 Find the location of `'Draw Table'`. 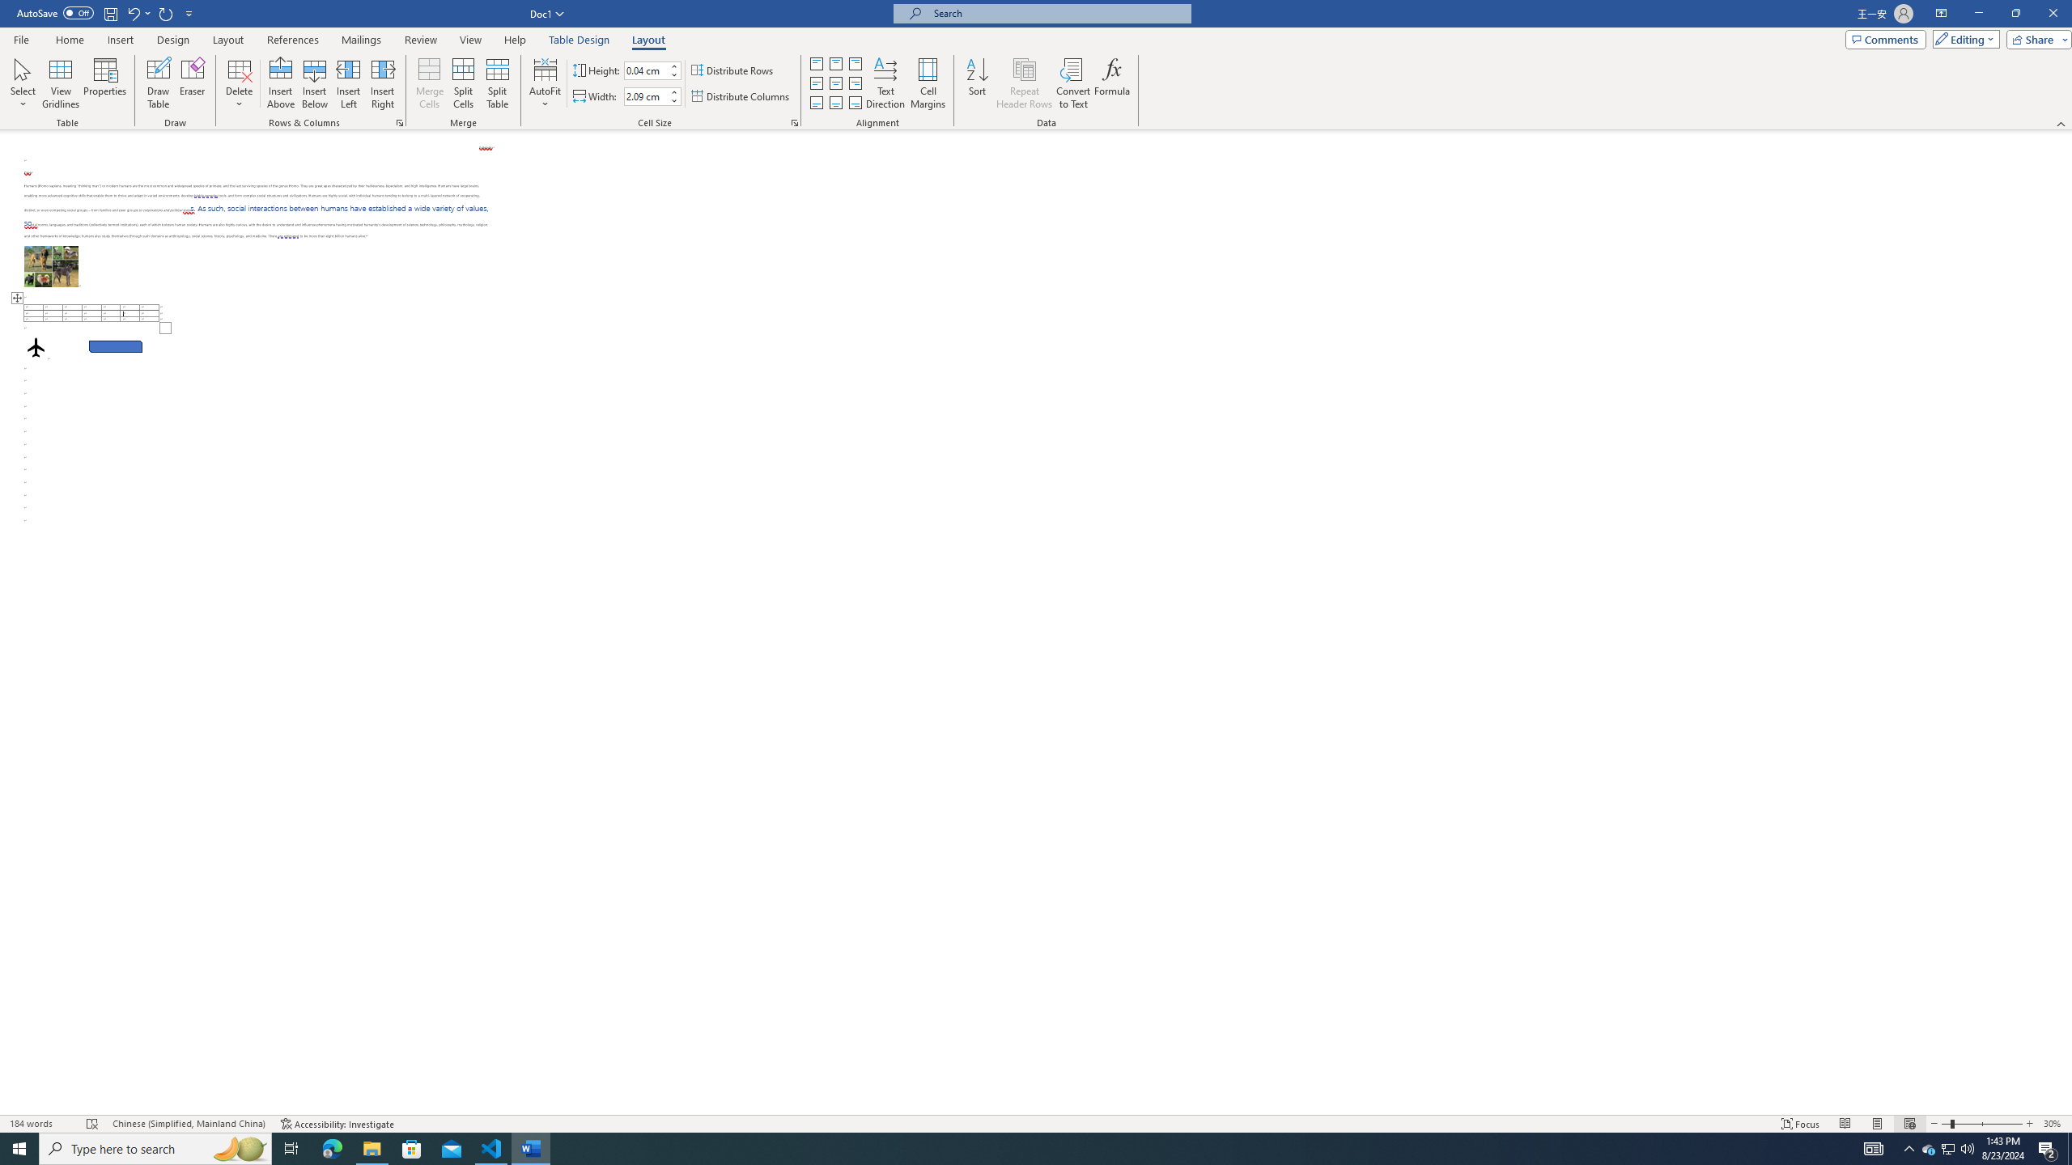

'Draw Table' is located at coordinates (158, 83).